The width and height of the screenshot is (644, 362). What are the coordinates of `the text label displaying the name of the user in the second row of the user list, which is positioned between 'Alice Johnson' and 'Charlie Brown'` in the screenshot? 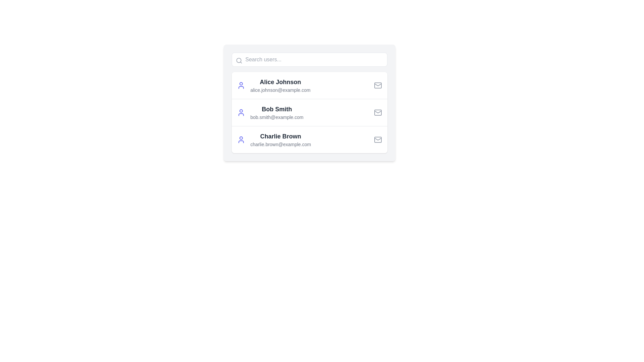 It's located at (277, 109).